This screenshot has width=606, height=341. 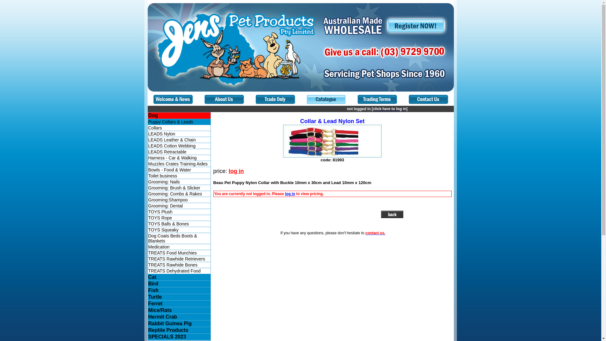 I want to click on 'Medication', so click(x=178, y=247).